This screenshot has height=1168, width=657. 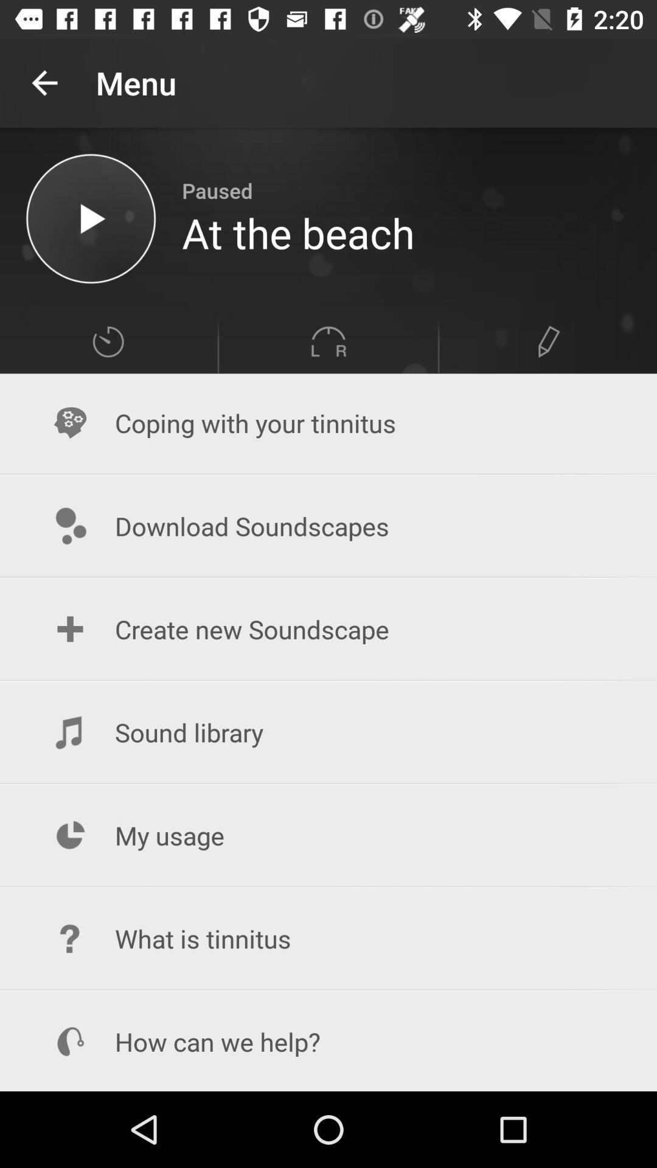 I want to click on the icon below sound library icon, so click(x=328, y=835).